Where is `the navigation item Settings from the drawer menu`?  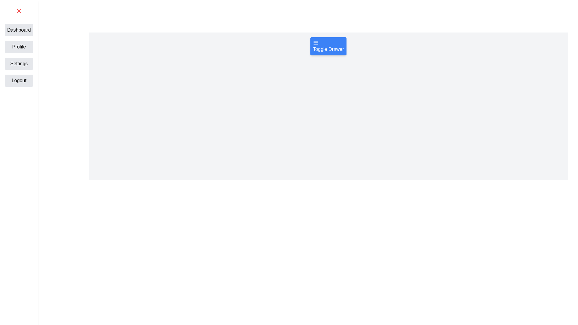 the navigation item Settings from the drawer menu is located at coordinates (19, 64).